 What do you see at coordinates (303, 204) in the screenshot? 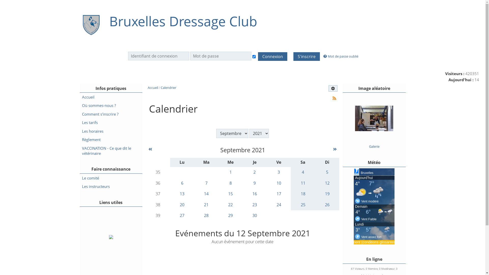
I see `'25'` at bounding box center [303, 204].